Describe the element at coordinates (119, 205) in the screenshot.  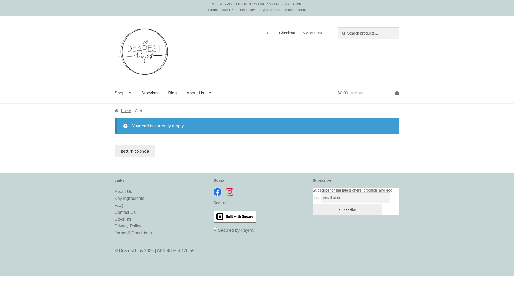
I see `'FAQ'` at that location.